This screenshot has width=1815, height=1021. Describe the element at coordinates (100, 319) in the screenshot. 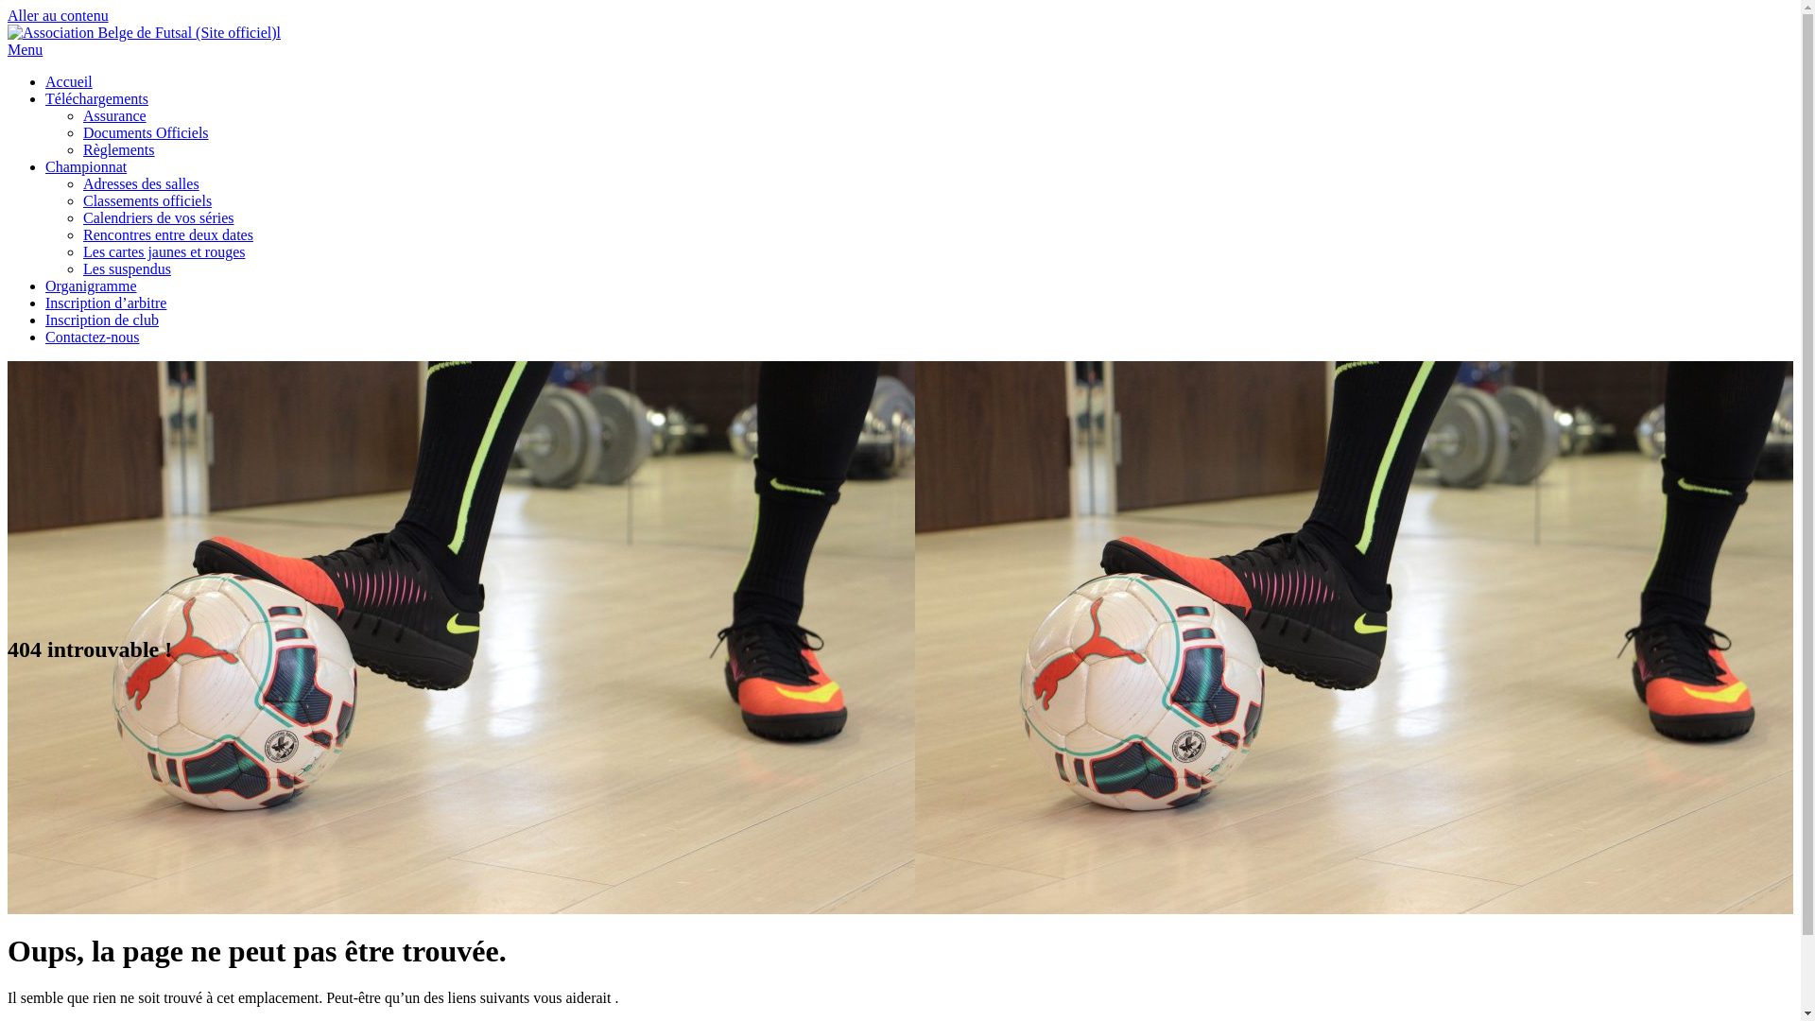

I see `'Inscription de club'` at that location.